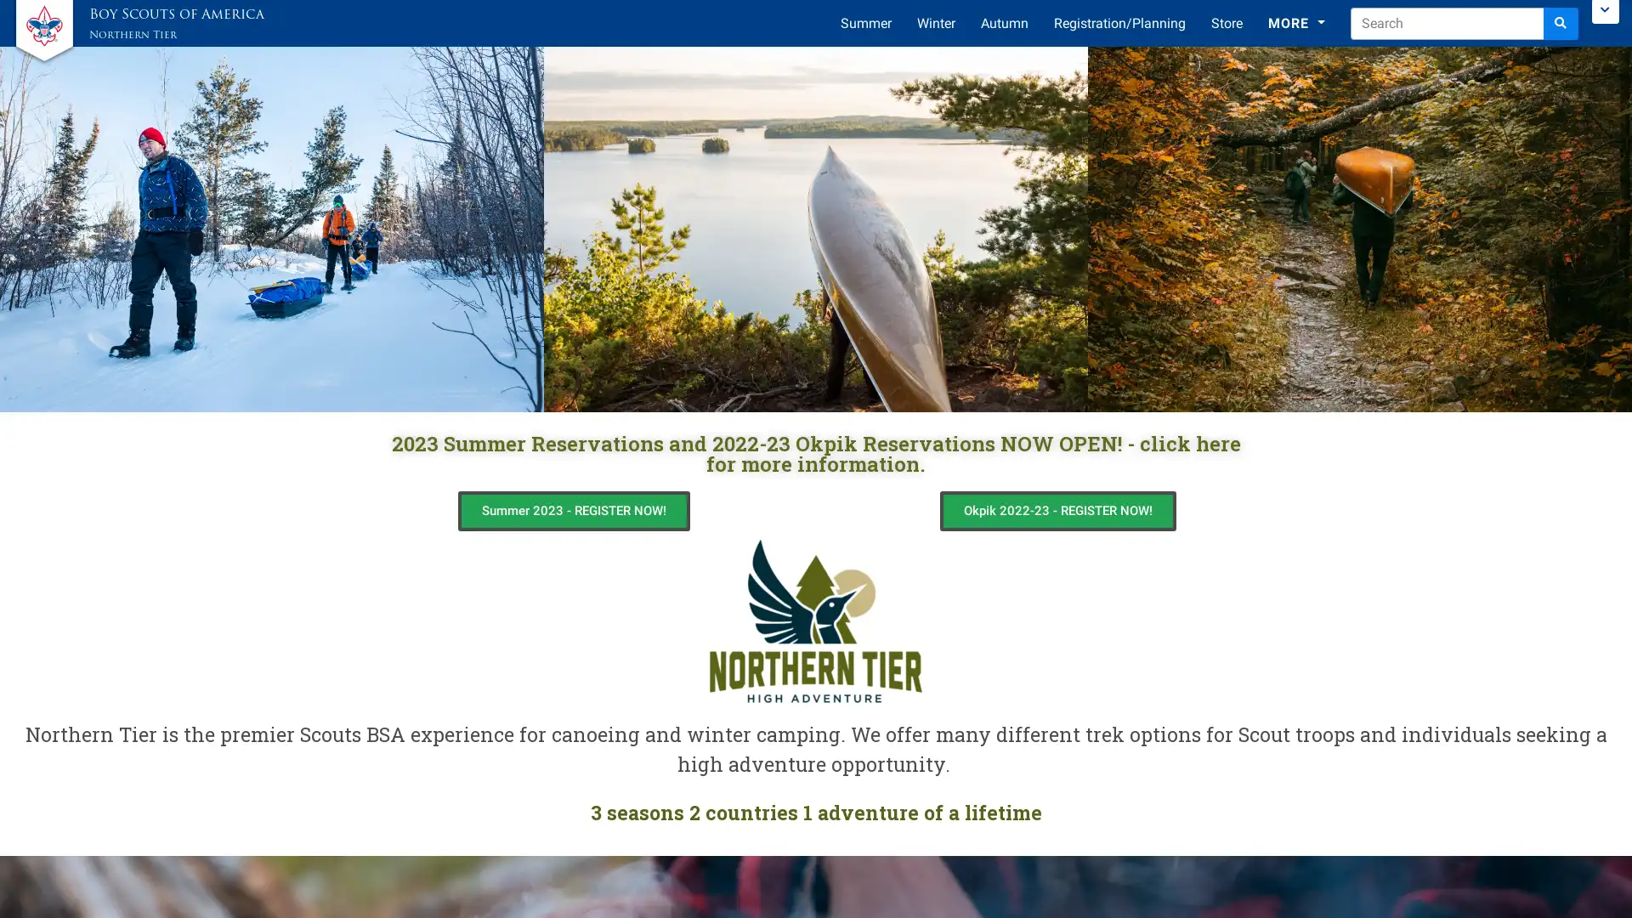  I want to click on Okpik 2022-23 - REGISTER NOW!, so click(1057, 510).